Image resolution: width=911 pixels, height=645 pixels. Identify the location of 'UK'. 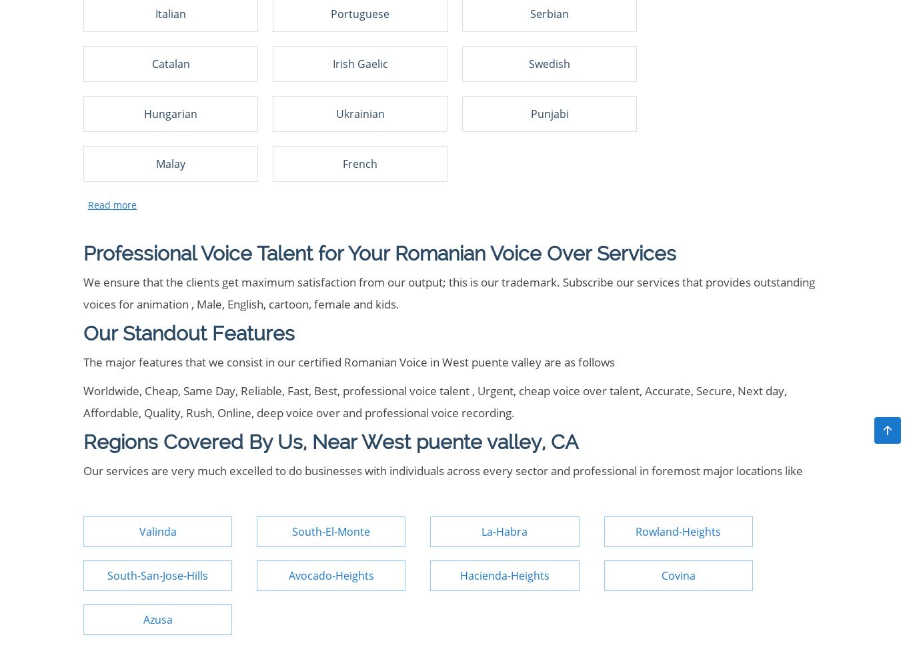
(413, 35).